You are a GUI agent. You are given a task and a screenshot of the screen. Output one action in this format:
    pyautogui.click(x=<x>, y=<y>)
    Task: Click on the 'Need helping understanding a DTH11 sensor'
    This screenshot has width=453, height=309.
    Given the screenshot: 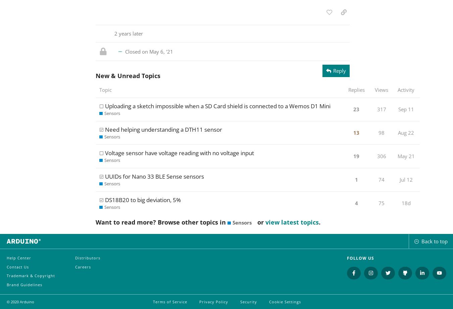 What is the action you would take?
    pyautogui.click(x=163, y=129)
    